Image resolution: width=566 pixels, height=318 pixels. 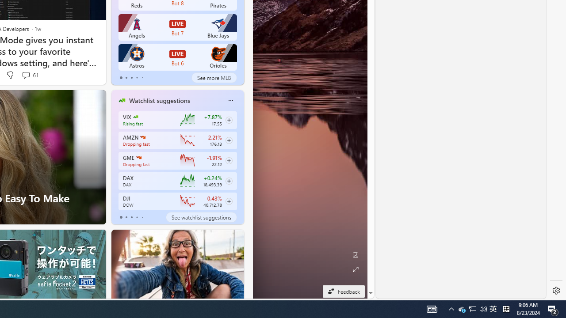 What do you see at coordinates (230, 100) in the screenshot?
I see `'More options'` at bounding box center [230, 100].